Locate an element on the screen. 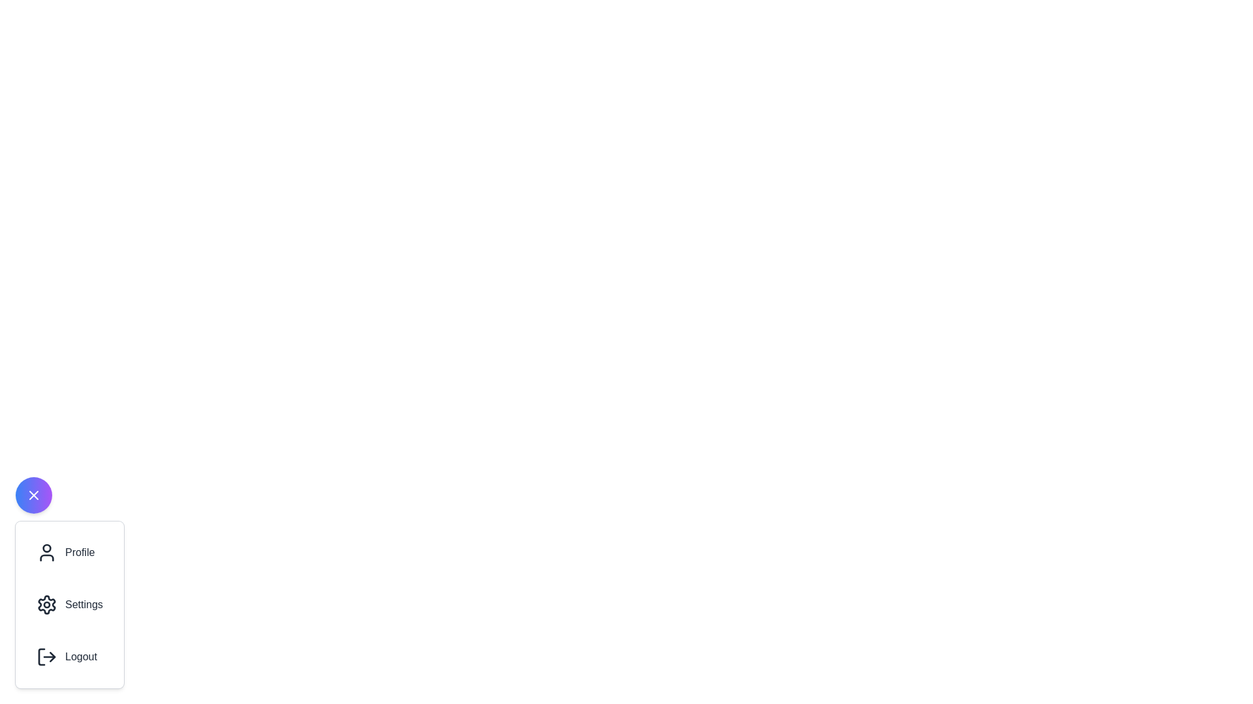  the 'Settings' button in the menu is located at coordinates (69, 605).